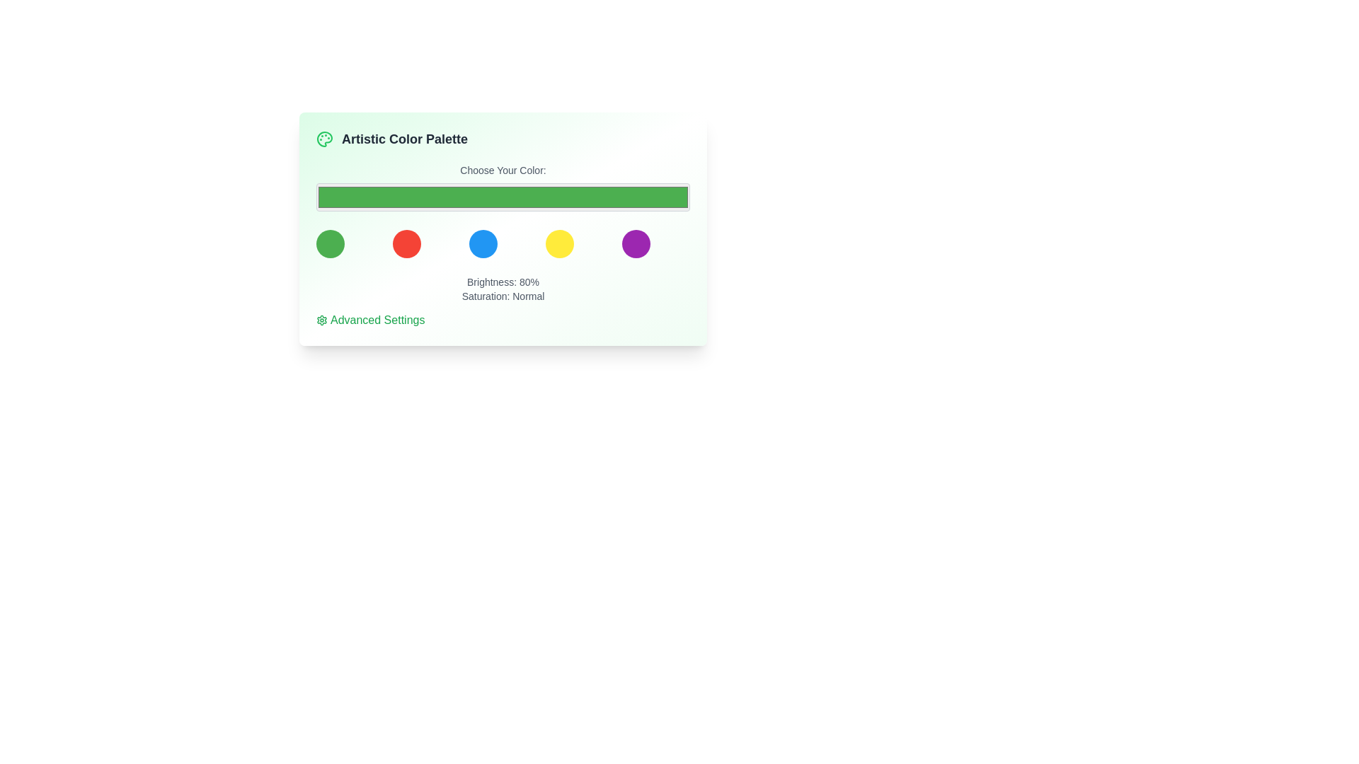 Image resolution: width=1359 pixels, height=764 pixels. What do you see at coordinates (503, 282) in the screenshot?
I see `the non-interactive text label displaying the brightness level ('80%') within the 'Artistic Color Palette' section` at bounding box center [503, 282].